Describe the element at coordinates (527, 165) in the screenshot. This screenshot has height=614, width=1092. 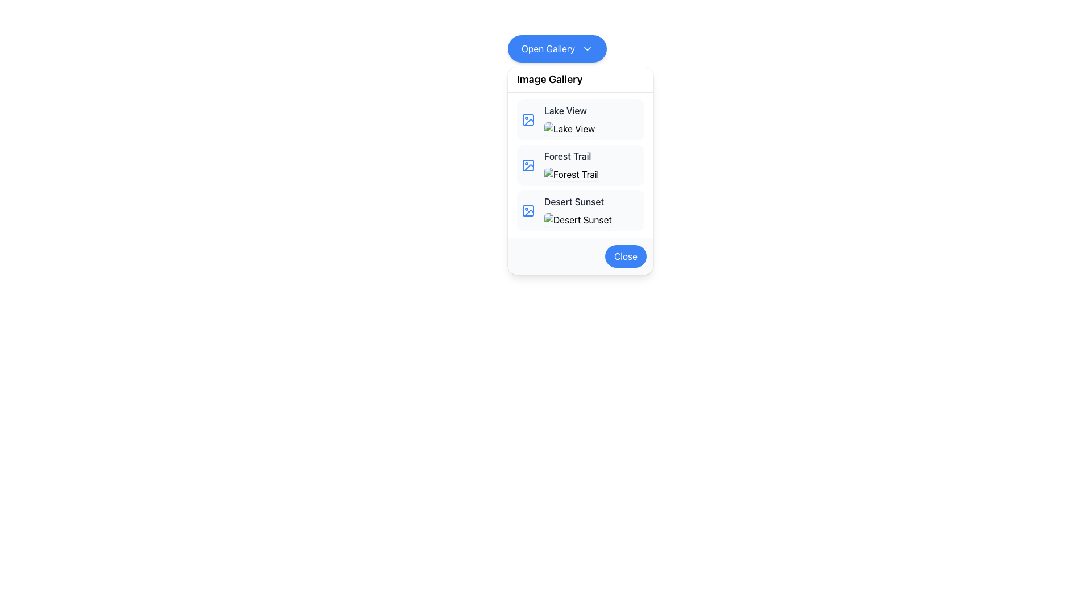
I see `the image icon located to the left of the 'Forest Trail' text in the 'Image Gallery' panel` at that location.